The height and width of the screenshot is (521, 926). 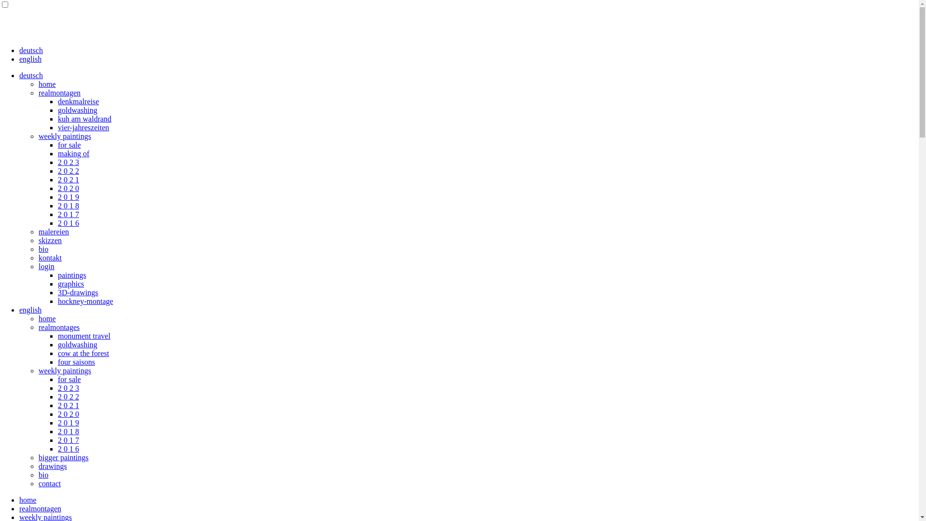 I want to click on '2 0 2 1', so click(x=57, y=405).